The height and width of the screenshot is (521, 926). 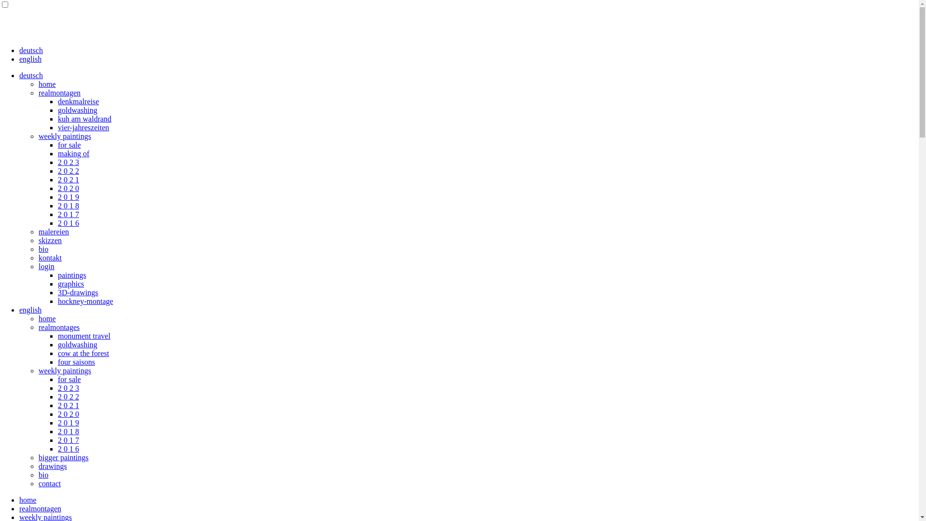 I want to click on '2 0 2 1', so click(x=57, y=405).